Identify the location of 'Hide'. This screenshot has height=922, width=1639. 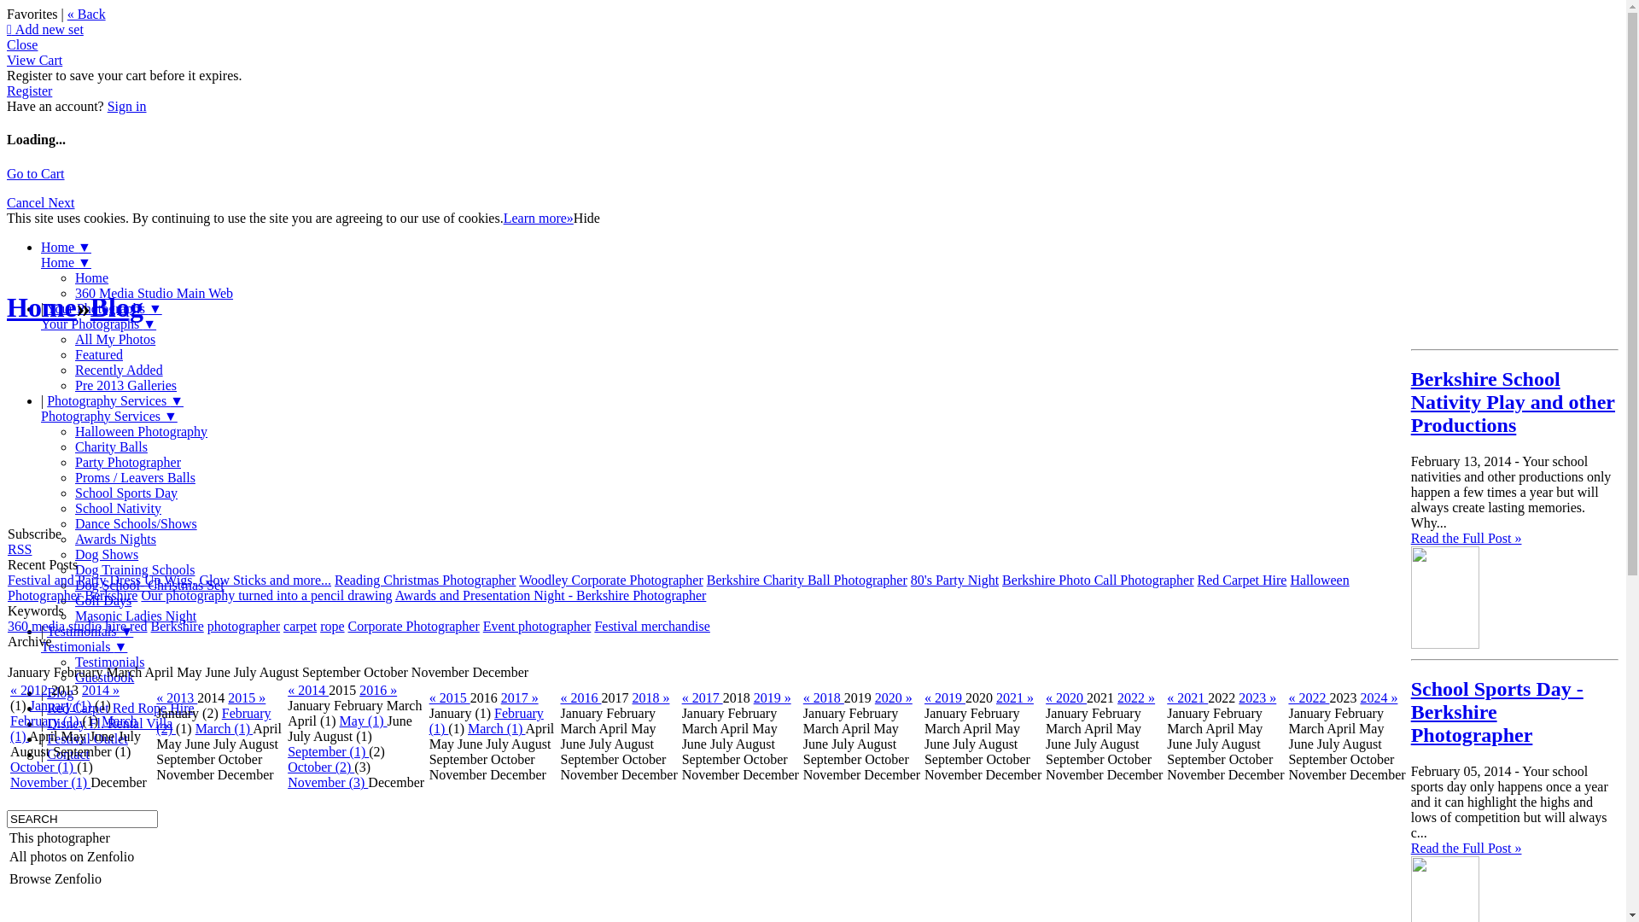
(586, 217).